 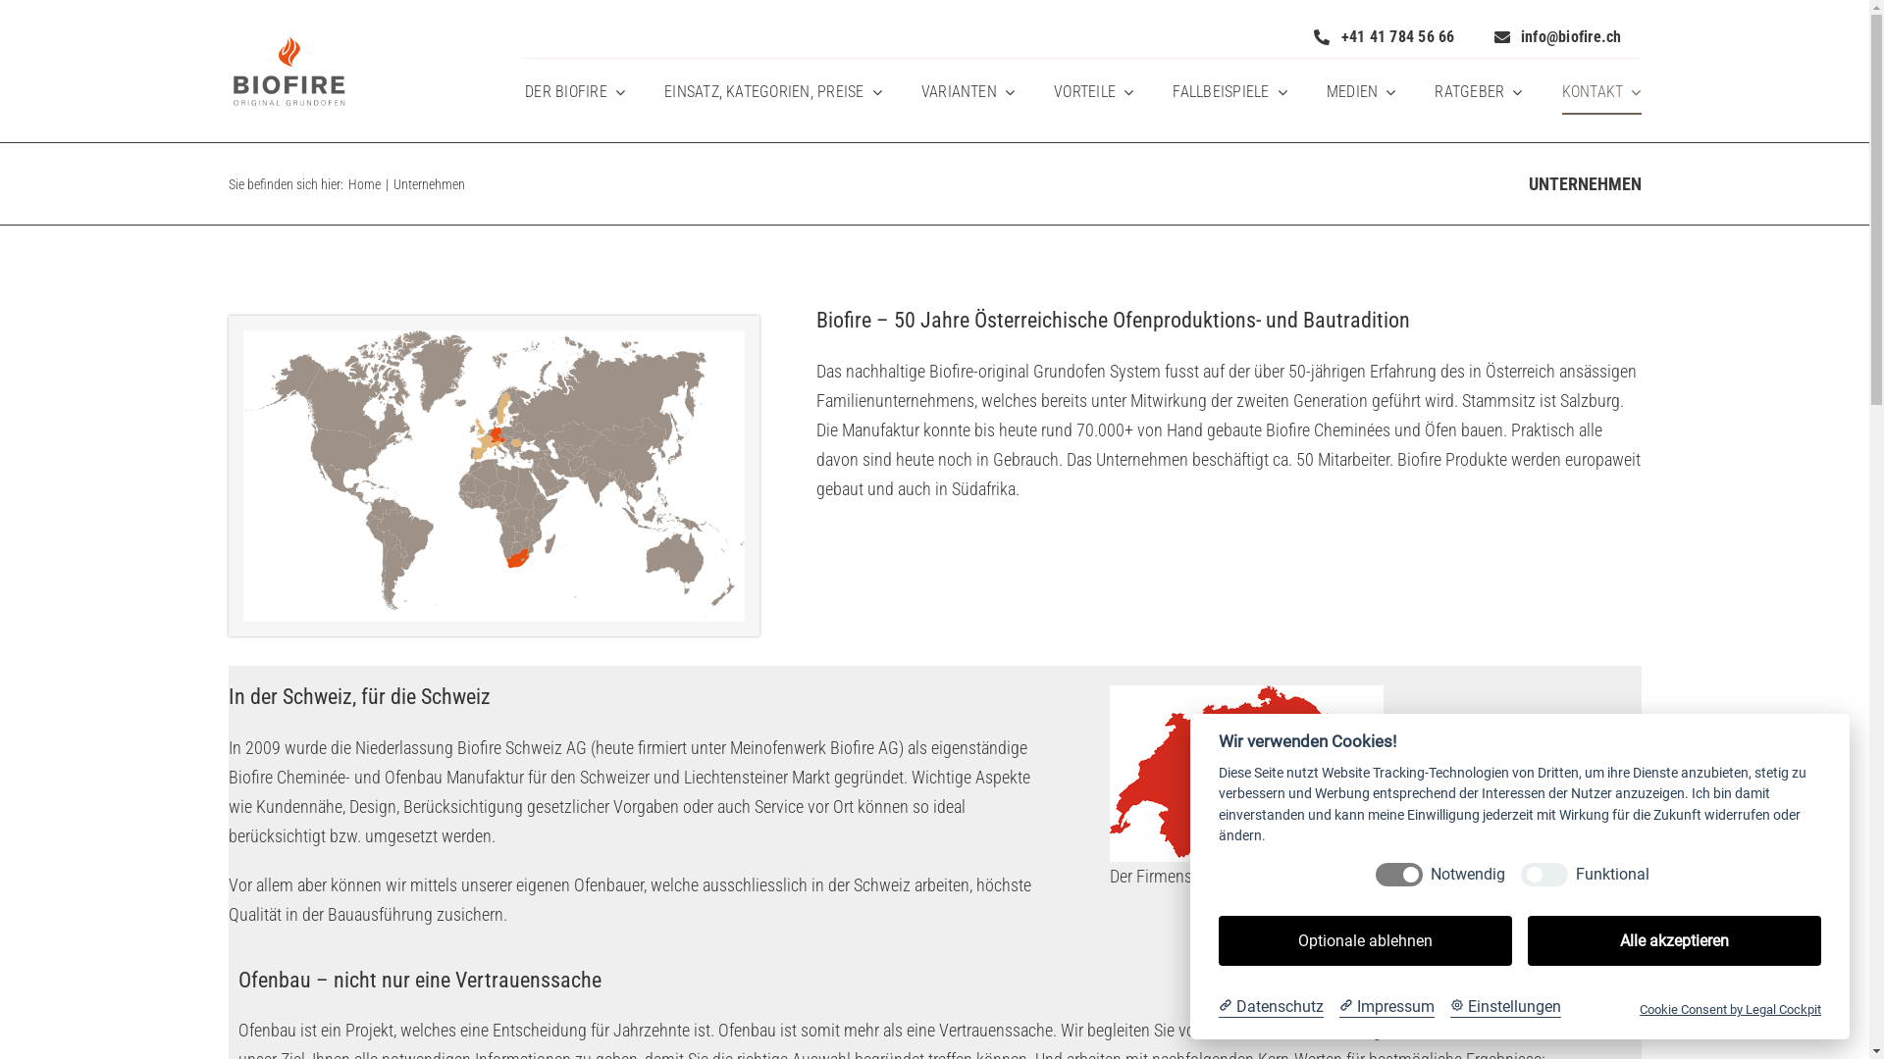 What do you see at coordinates (1360, 92) in the screenshot?
I see `'MEDIEN'` at bounding box center [1360, 92].